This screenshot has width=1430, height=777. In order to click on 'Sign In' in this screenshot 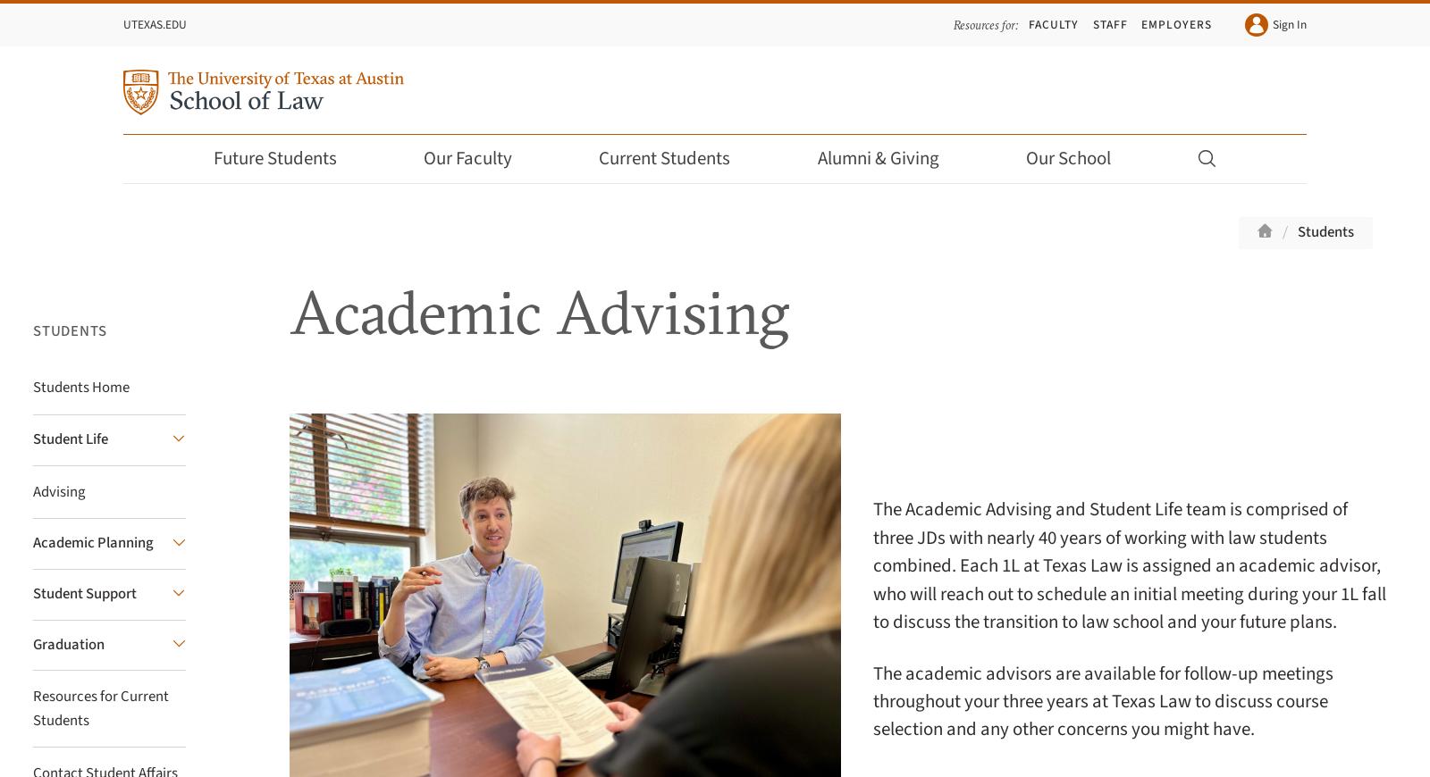, I will do `click(1288, 22)`.